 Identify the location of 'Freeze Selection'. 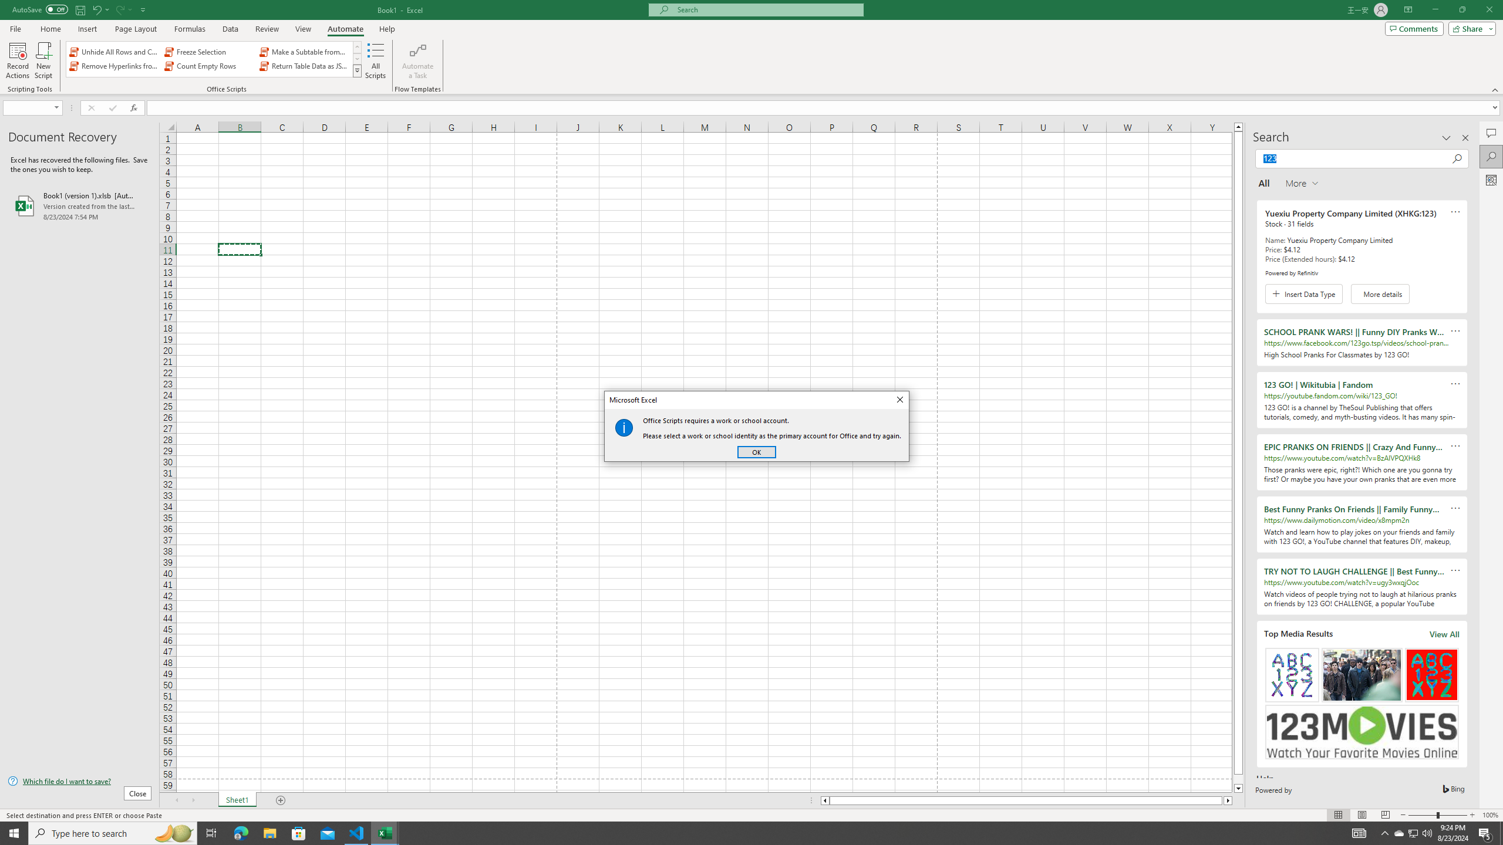
(209, 52).